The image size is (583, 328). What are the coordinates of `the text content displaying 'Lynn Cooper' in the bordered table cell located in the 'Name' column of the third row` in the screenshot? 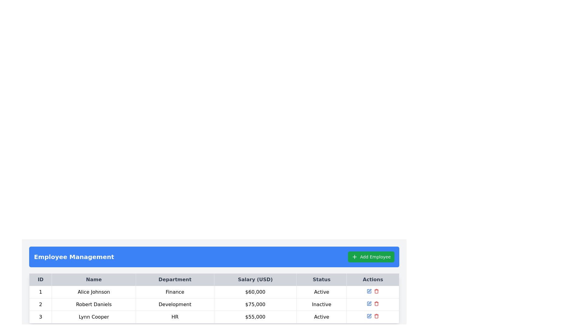 It's located at (94, 317).